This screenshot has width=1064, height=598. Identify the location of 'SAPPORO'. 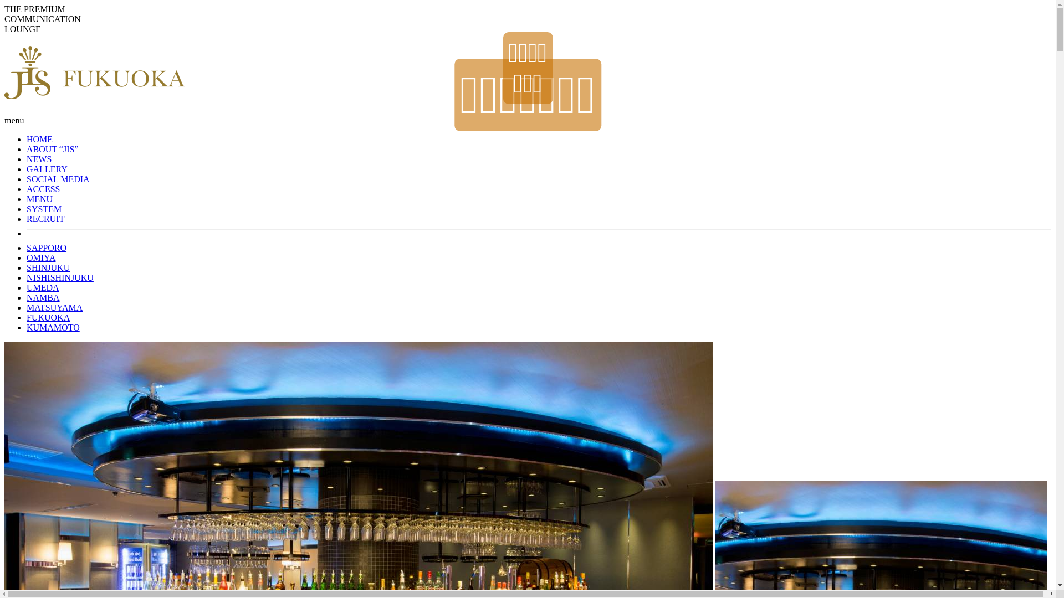
(45, 247).